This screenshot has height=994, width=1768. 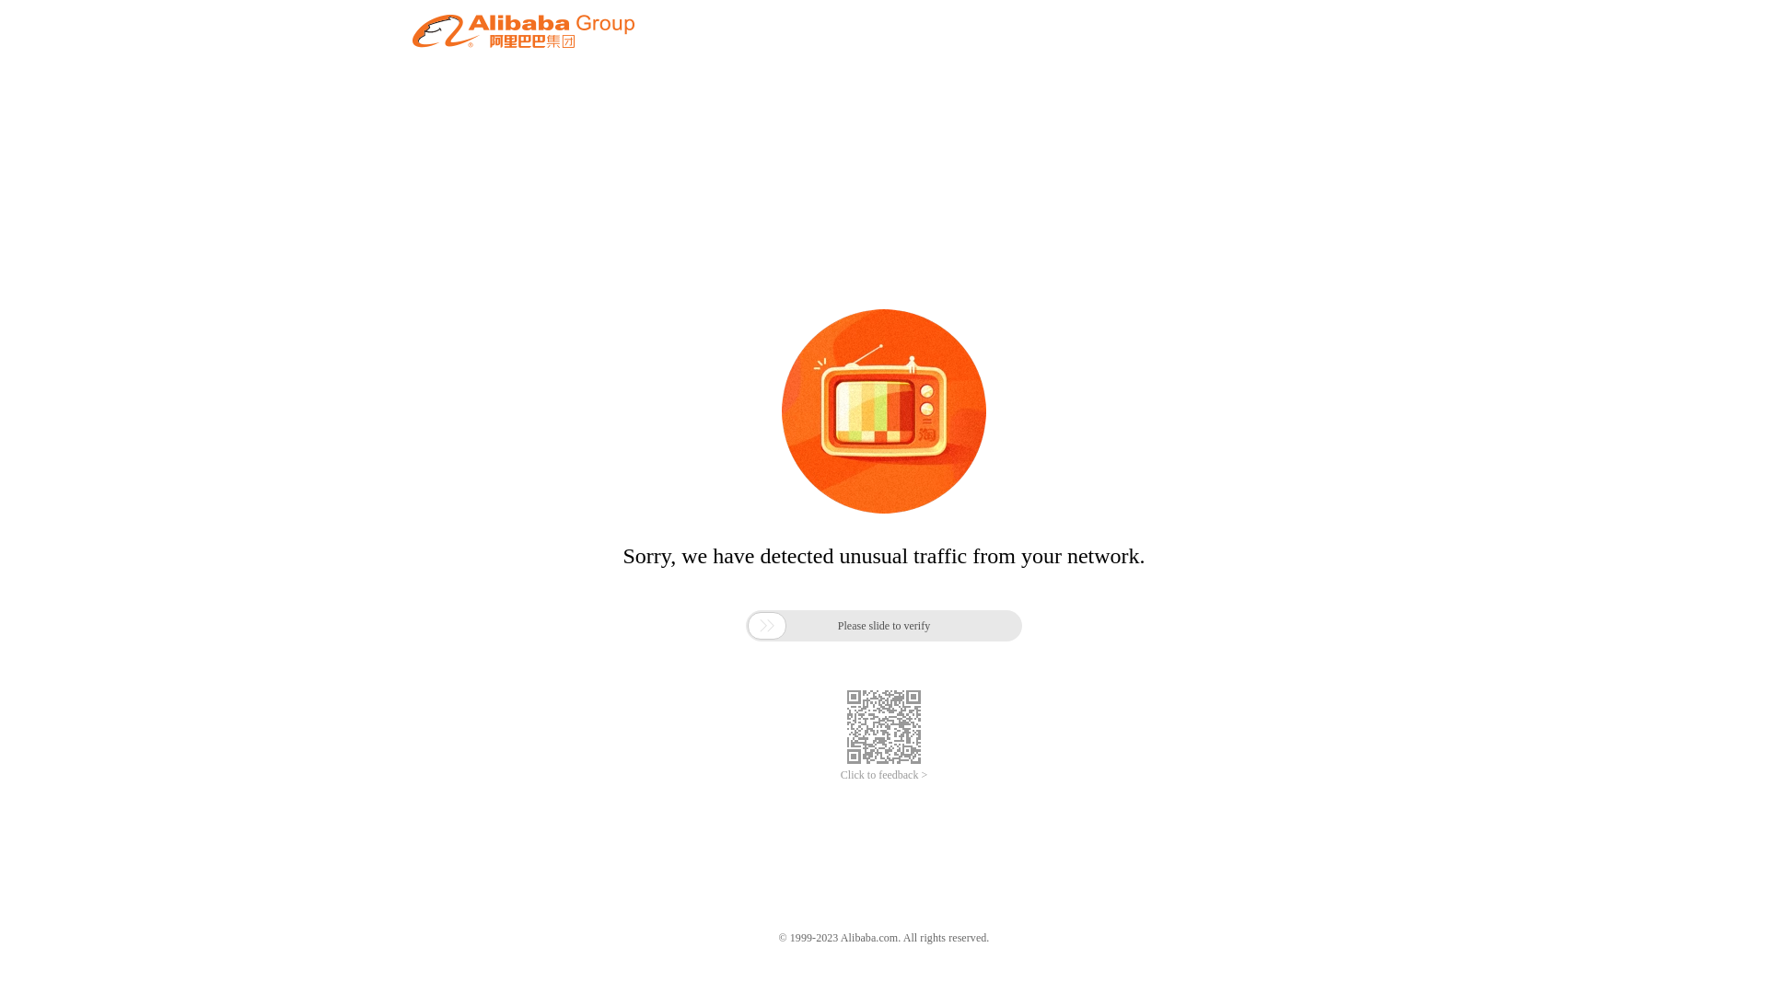 What do you see at coordinates (884, 775) in the screenshot?
I see `'Click to feedback >'` at bounding box center [884, 775].